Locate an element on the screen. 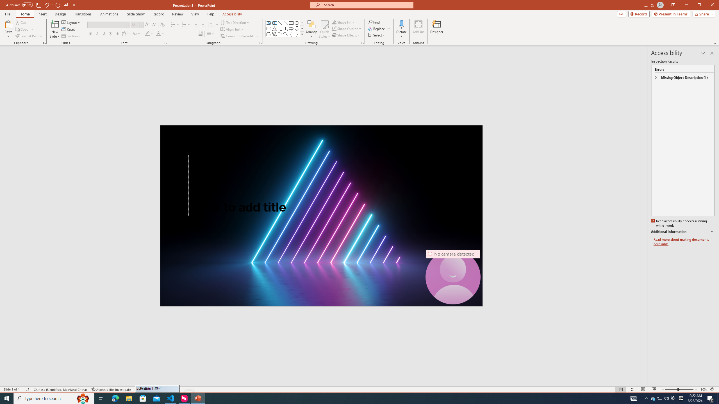 The height and width of the screenshot is (404, 719). 'Clear Formatting' is located at coordinates (162, 24).